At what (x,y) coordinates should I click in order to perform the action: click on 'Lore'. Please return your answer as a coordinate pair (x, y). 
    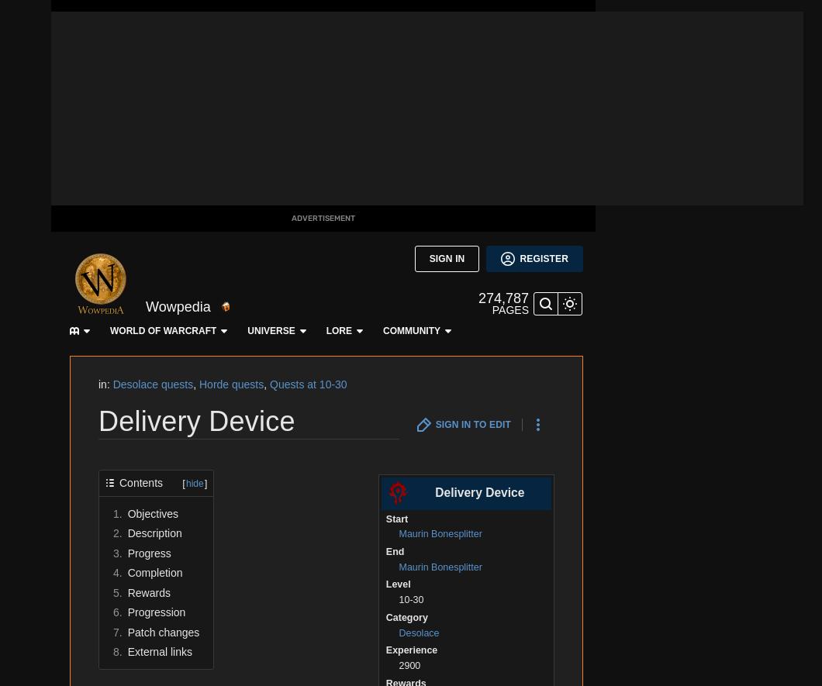
    Looking at the image, I should click on (254, 17).